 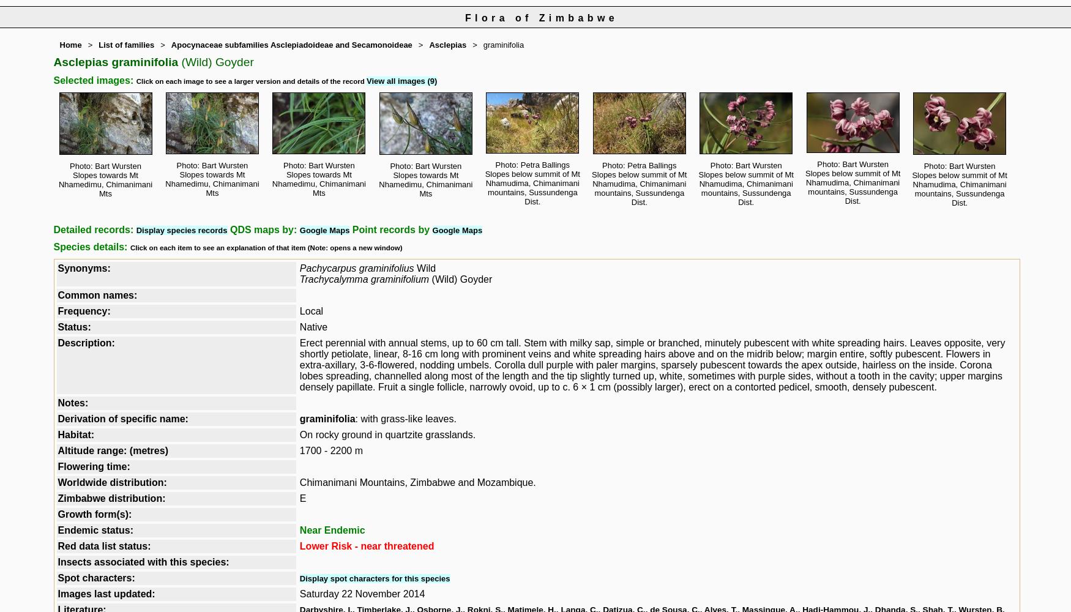 What do you see at coordinates (103, 546) in the screenshot?
I see `'Red data list status:'` at bounding box center [103, 546].